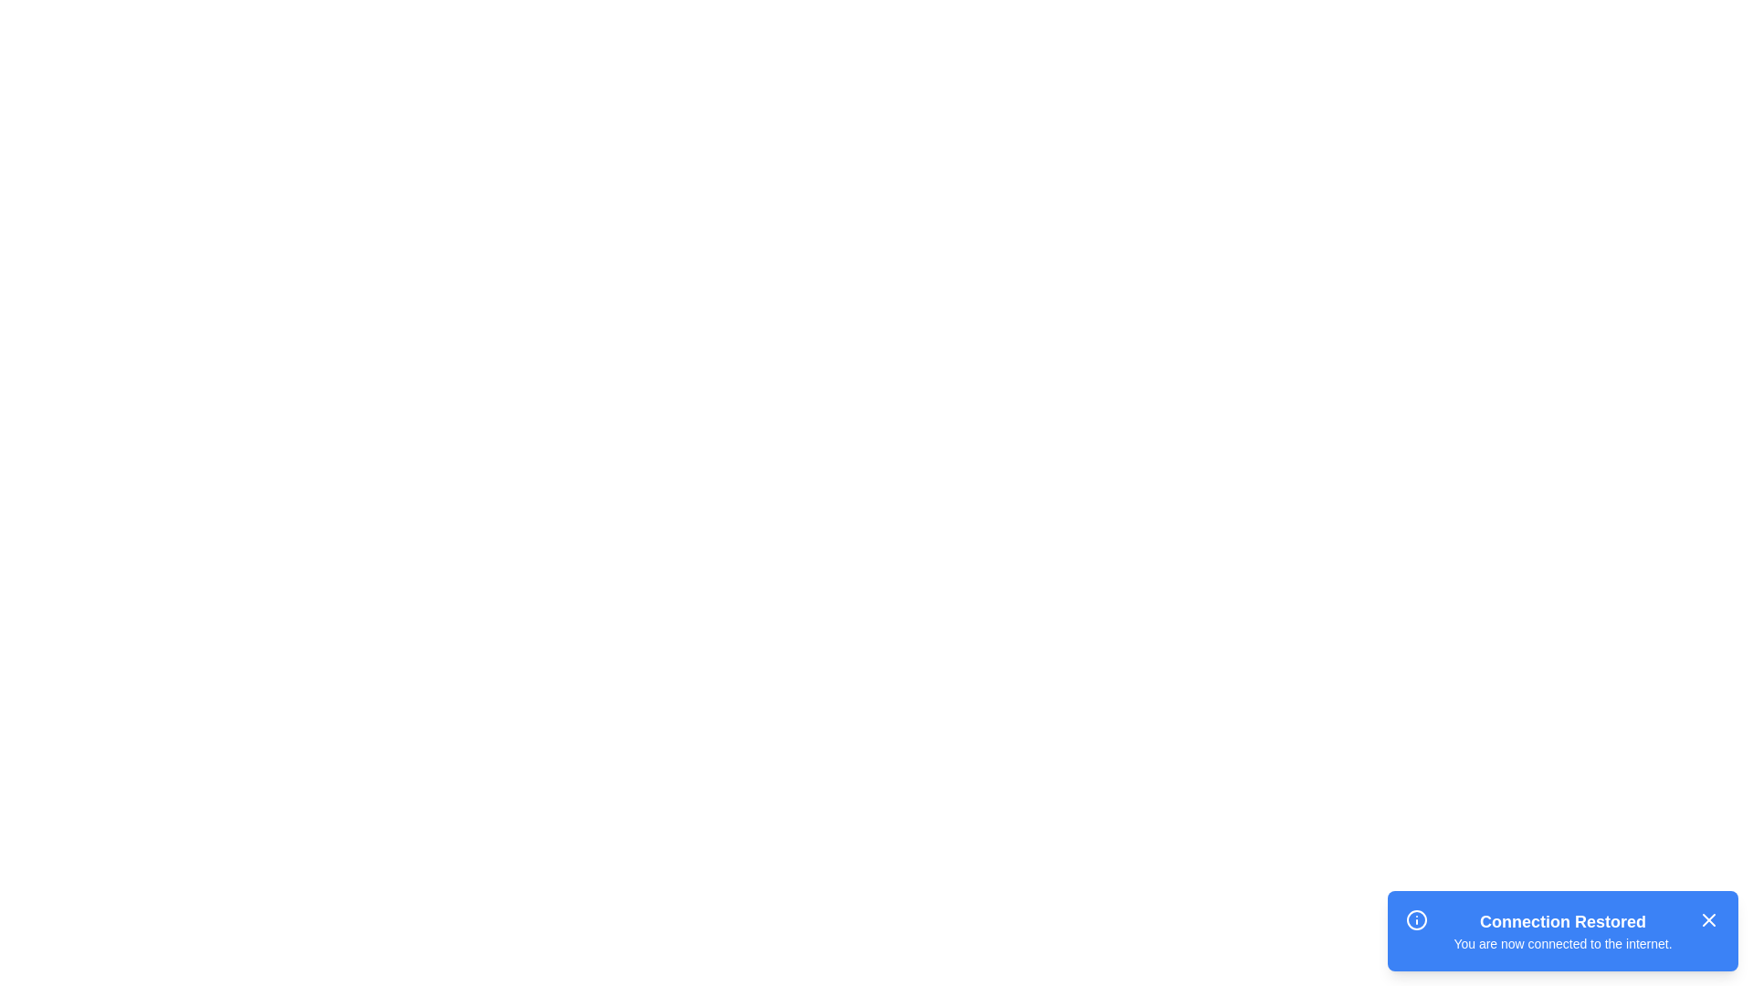  I want to click on the feedback text element that indicates the current internet connection state, located below the title 'Connection Restored' in the notification box, so click(1562, 943).